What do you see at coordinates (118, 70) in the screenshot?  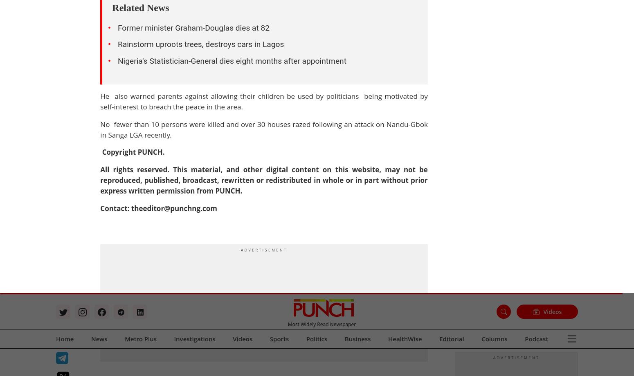 I see `'punchng.com © 1971- 2023 Punch Nigeria Limited'` at bounding box center [118, 70].